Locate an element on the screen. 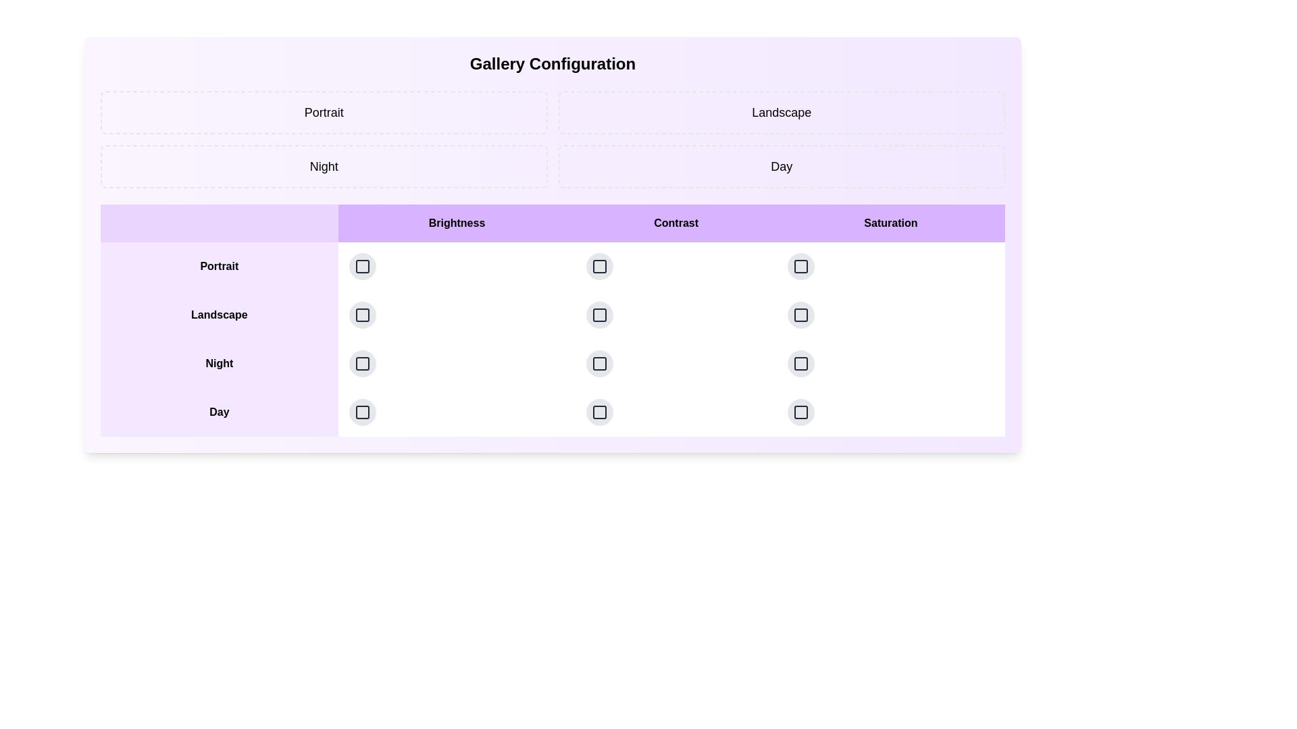 This screenshot has height=729, width=1297. the selectable grid item titled 'Landscape', which is the second option in a grid layout of four (Portrait, Landscape, Night, Day), located at the top right in its group is located at coordinates (782, 111).